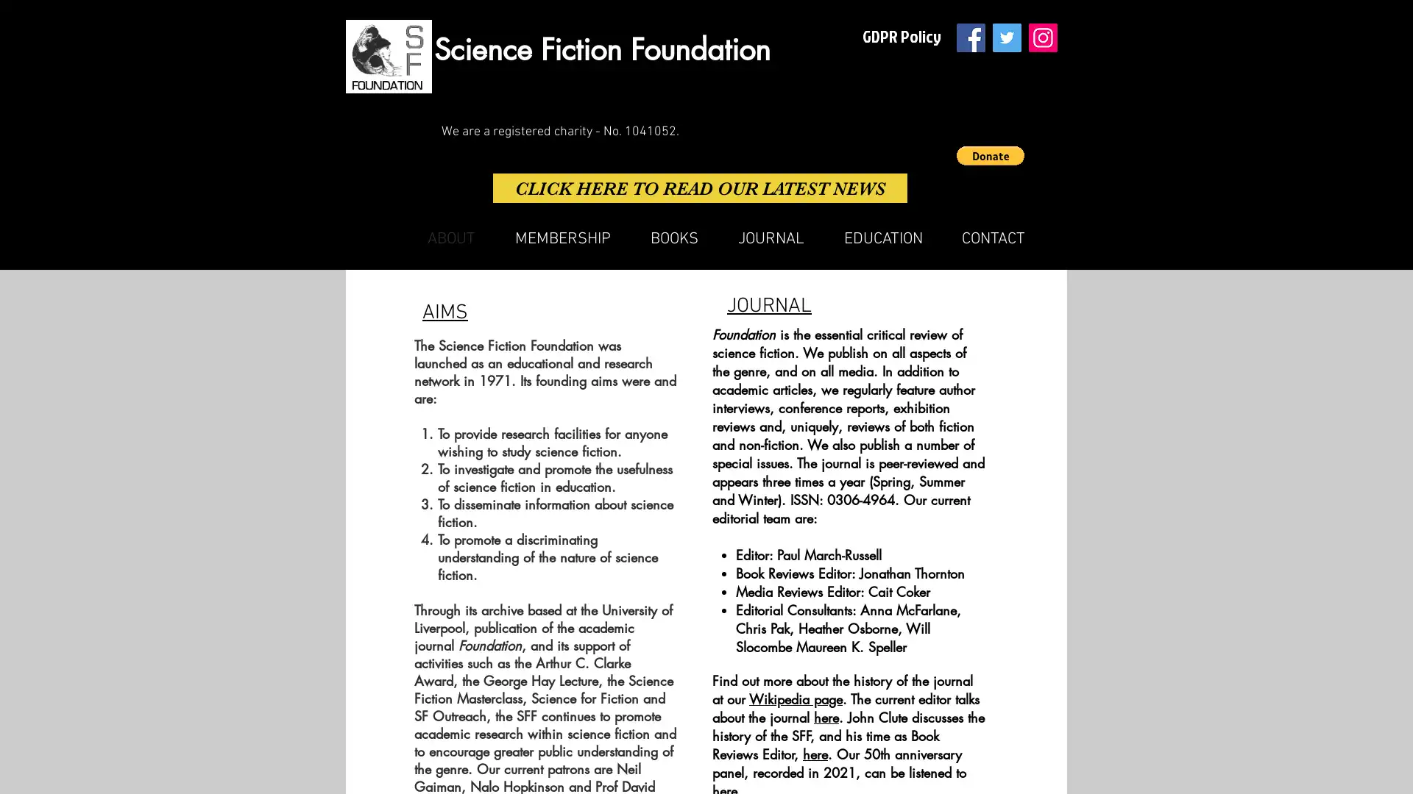 The width and height of the screenshot is (1413, 794). Describe the element at coordinates (990, 156) in the screenshot. I see `Donate via PayPal` at that location.